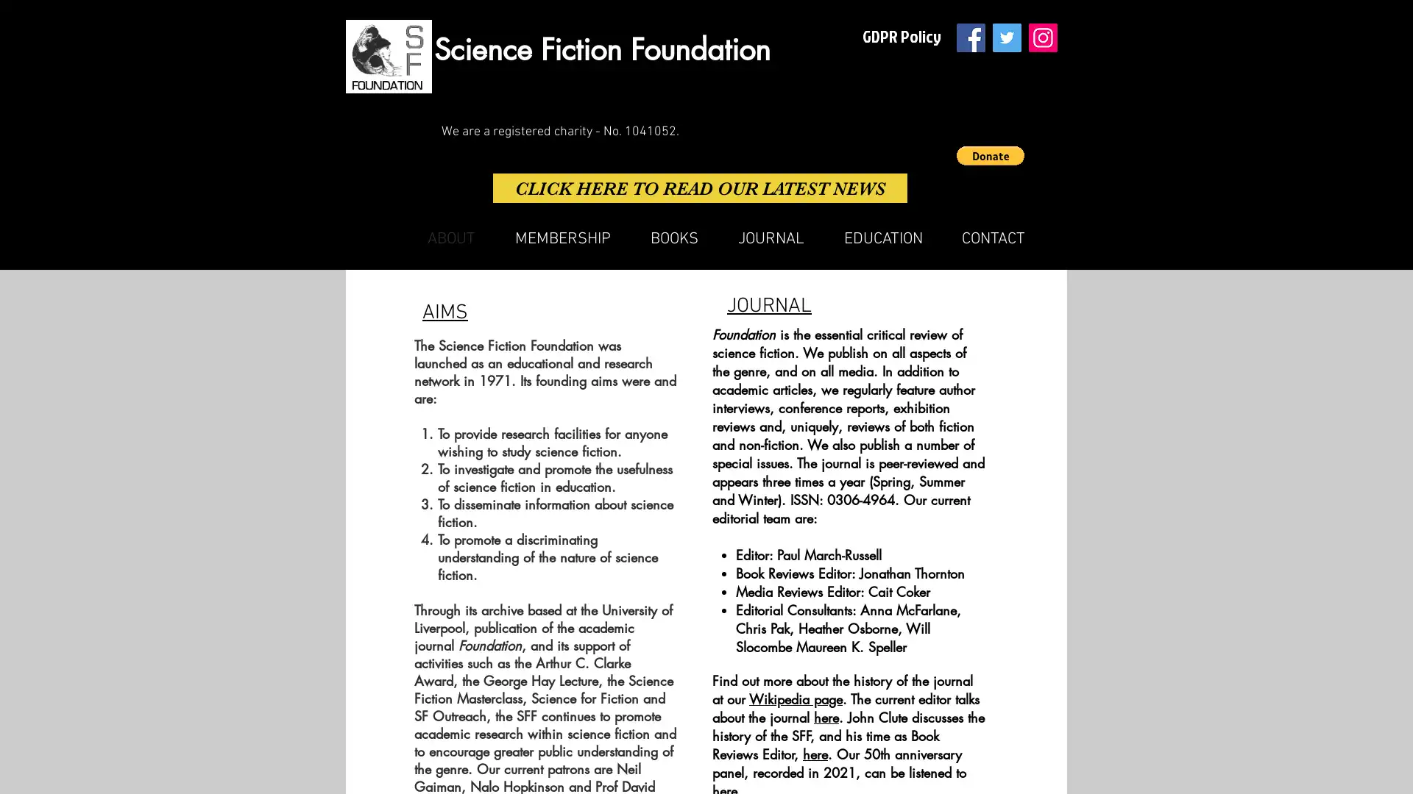 The width and height of the screenshot is (1413, 794). Describe the element at coordinates (990, 156) in the screenshot. I see `Donate via PayPal` at that location.